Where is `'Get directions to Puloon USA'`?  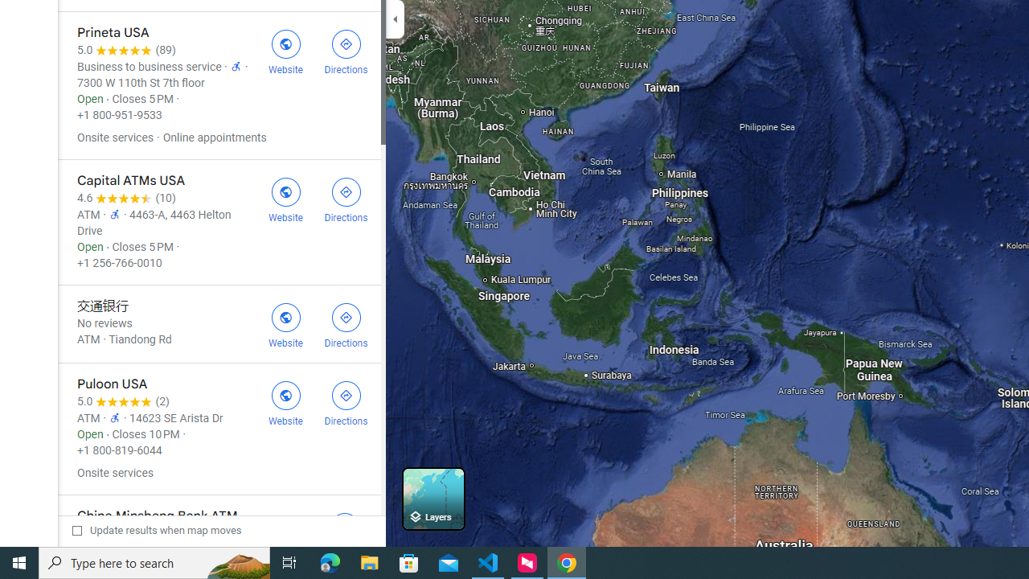
'Get directions to Puloon USA' is located at coordinates (345, 401).